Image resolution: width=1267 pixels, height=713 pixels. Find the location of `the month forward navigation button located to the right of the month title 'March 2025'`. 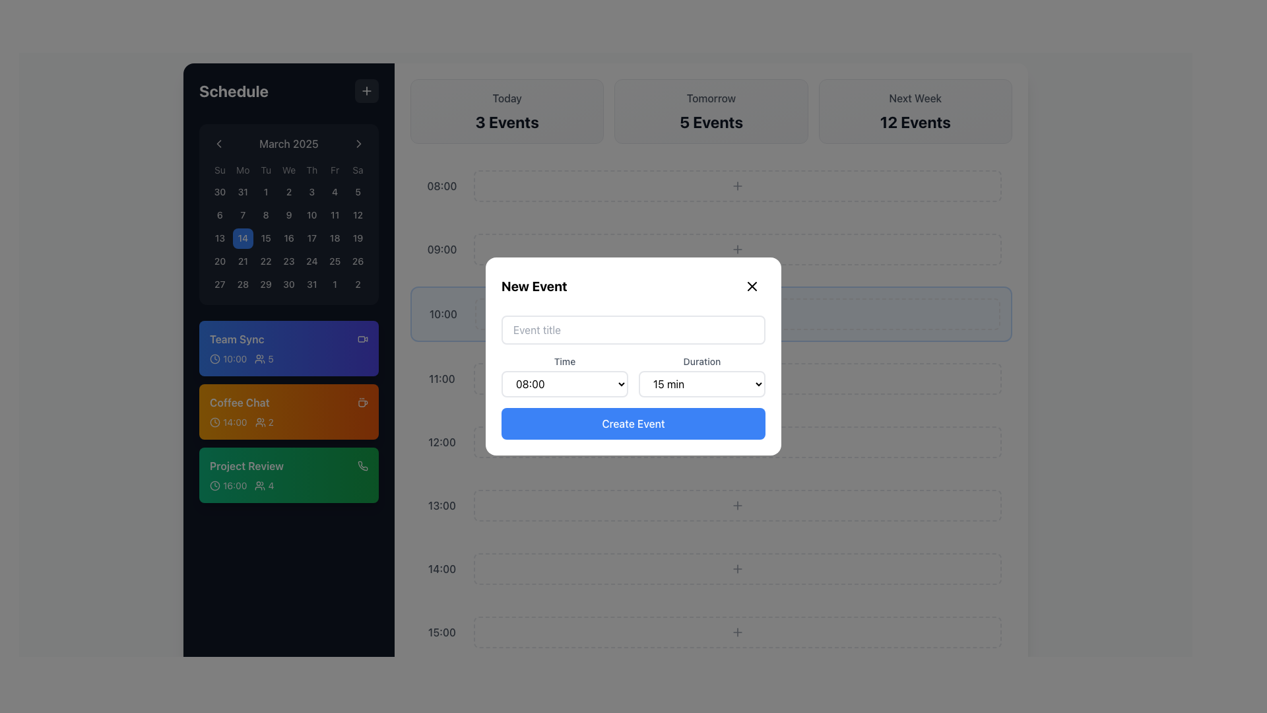

the month forward navigation button located to the right of the month title 'March 2025' is located at coordinates (358, 144).